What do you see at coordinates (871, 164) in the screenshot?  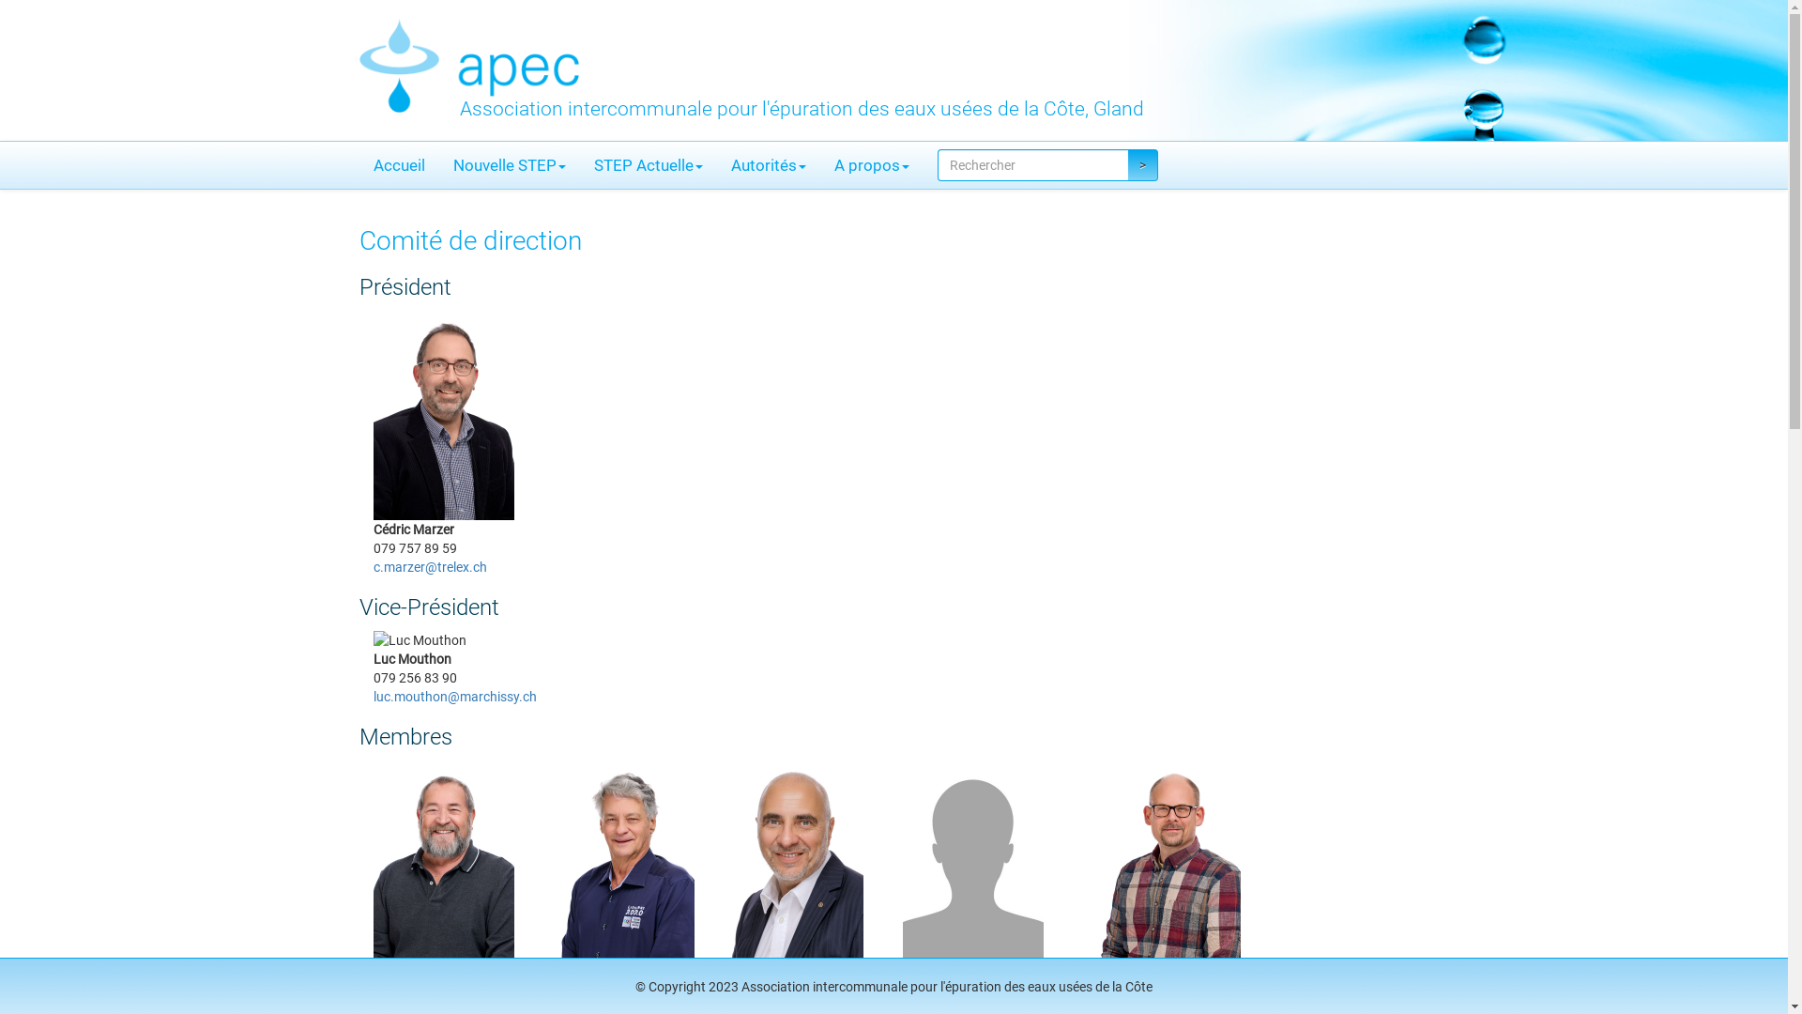 I see `'A propos'` at bounding box center [871, 164].